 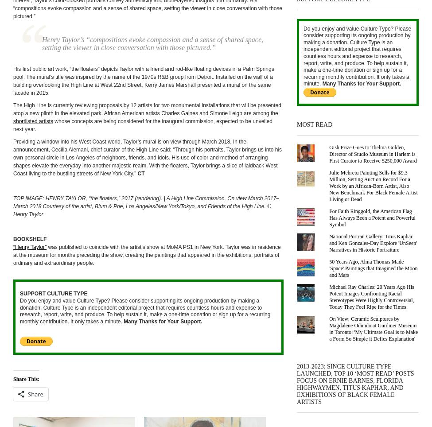 I want to click on 'shortlisted artists', so click(x=33, y=120).